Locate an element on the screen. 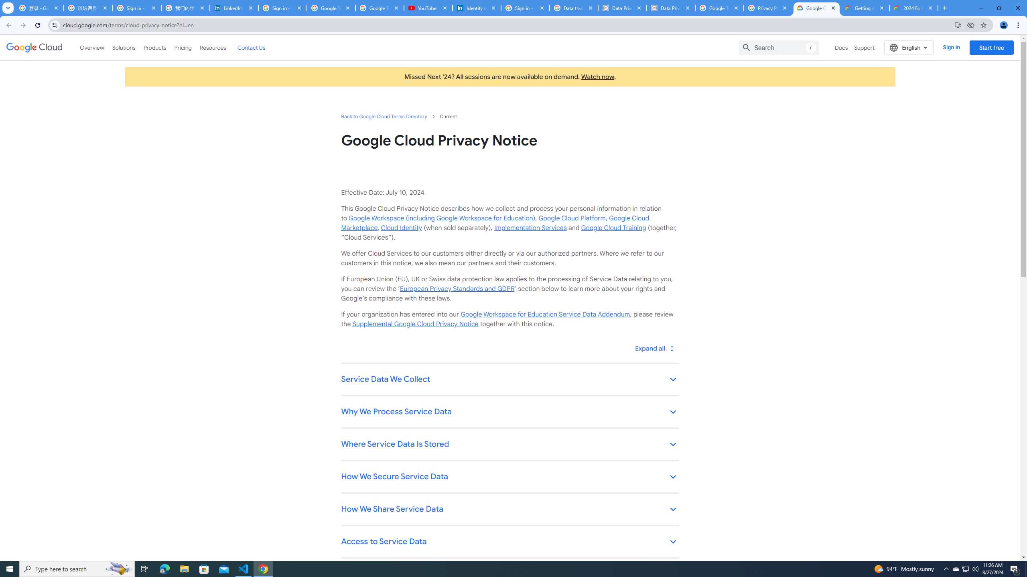 This screenshot has height=577, width=1027. 'Data Privacy Framework' is located at coordinates (622, 8).